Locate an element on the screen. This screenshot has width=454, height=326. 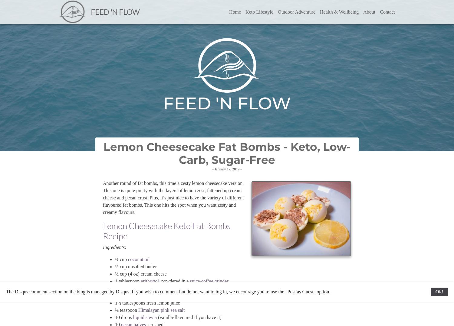
'Lemon Cheesecake Fat Bombs - Keto, Low-Carb, Sugar-Free' is located at coordinates (226, 153).